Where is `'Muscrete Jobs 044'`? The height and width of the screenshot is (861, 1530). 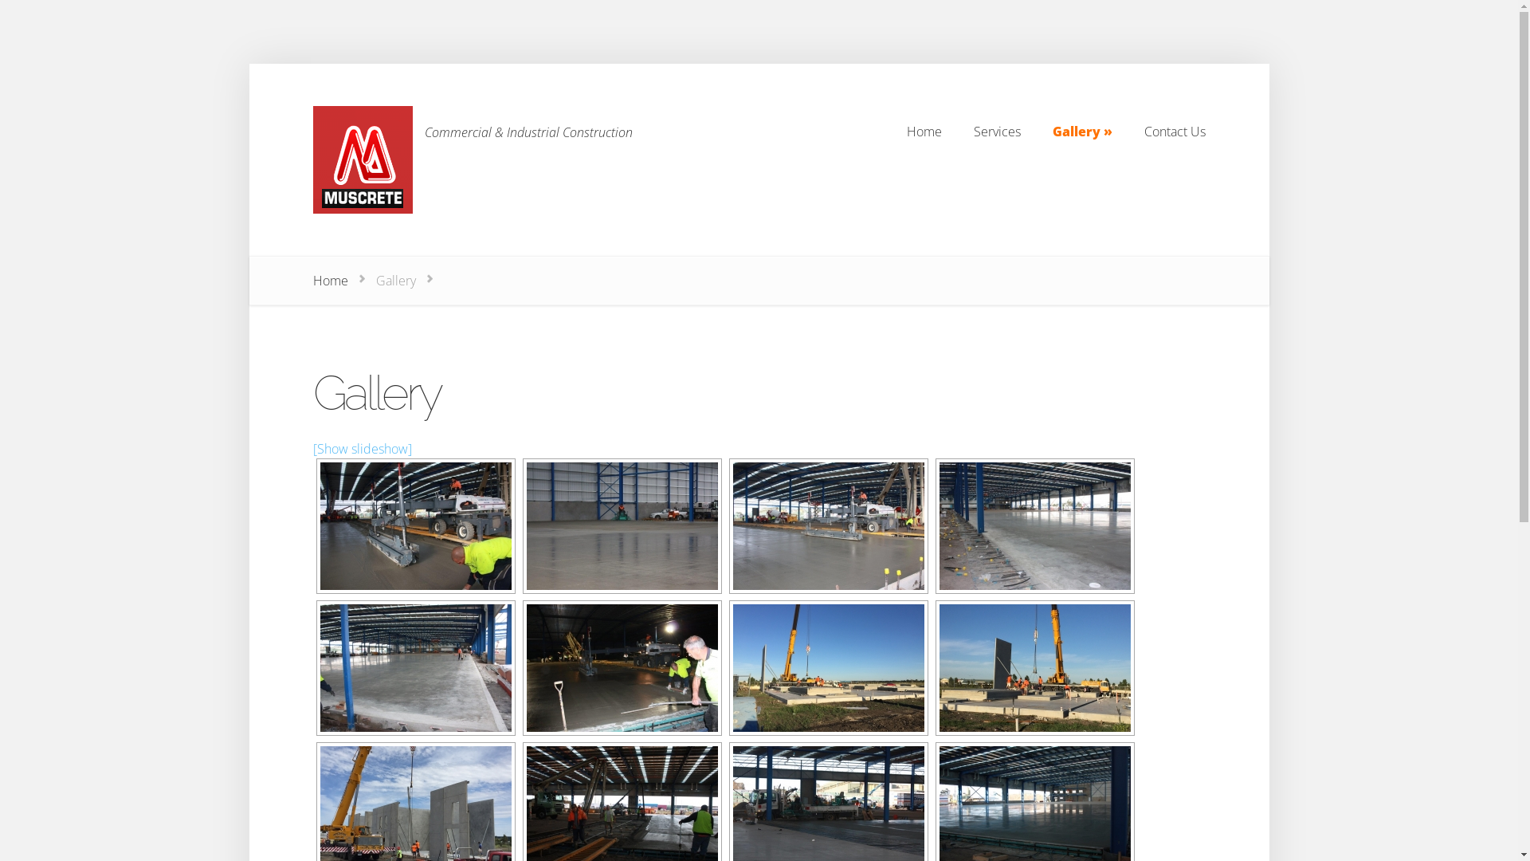 'Muscrete Jobs 044' is located at coordinates (827, 525).